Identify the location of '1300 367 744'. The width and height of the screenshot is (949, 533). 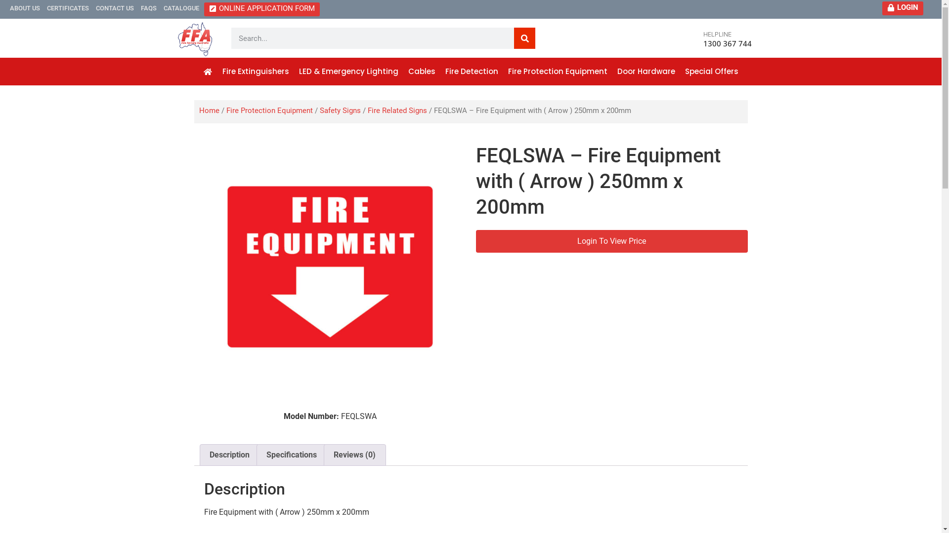
(728, 43).